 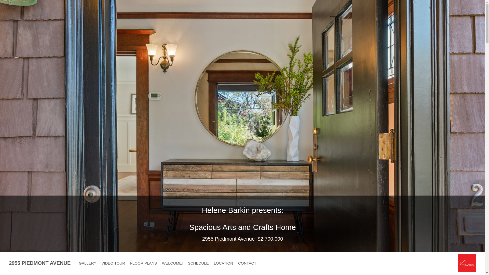 What do you see at coordinates (39, 262) in the screenshot?
I see `'2955 PIEDMONT AVENUE'` at bounding box center [39, 262].